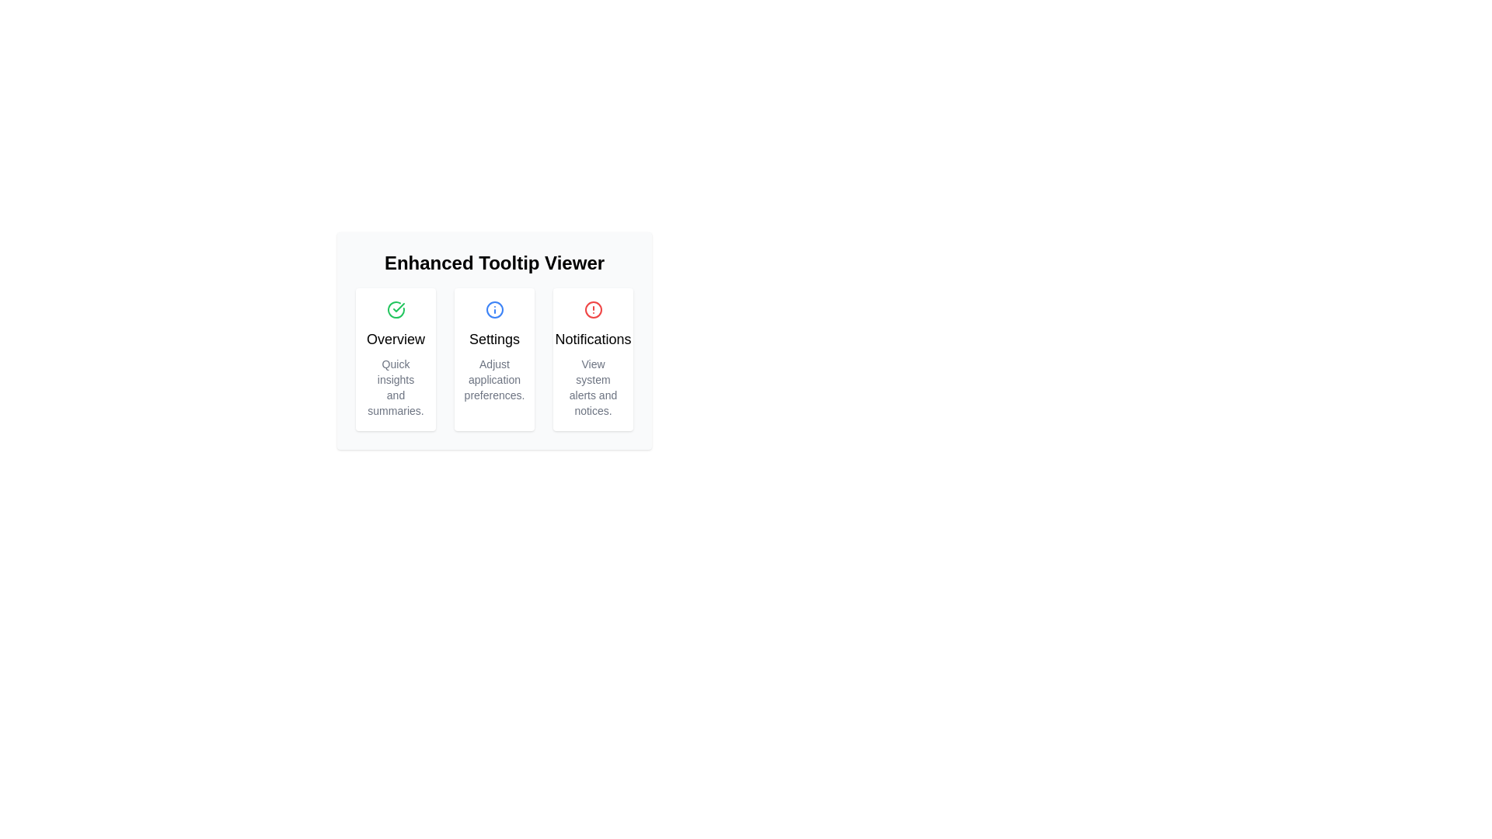 This screenshot has width=1492, height=839. I want to click on the second card in the grid layout under the header 'Enhanced Tooltip Viewer', so click(493, 359).